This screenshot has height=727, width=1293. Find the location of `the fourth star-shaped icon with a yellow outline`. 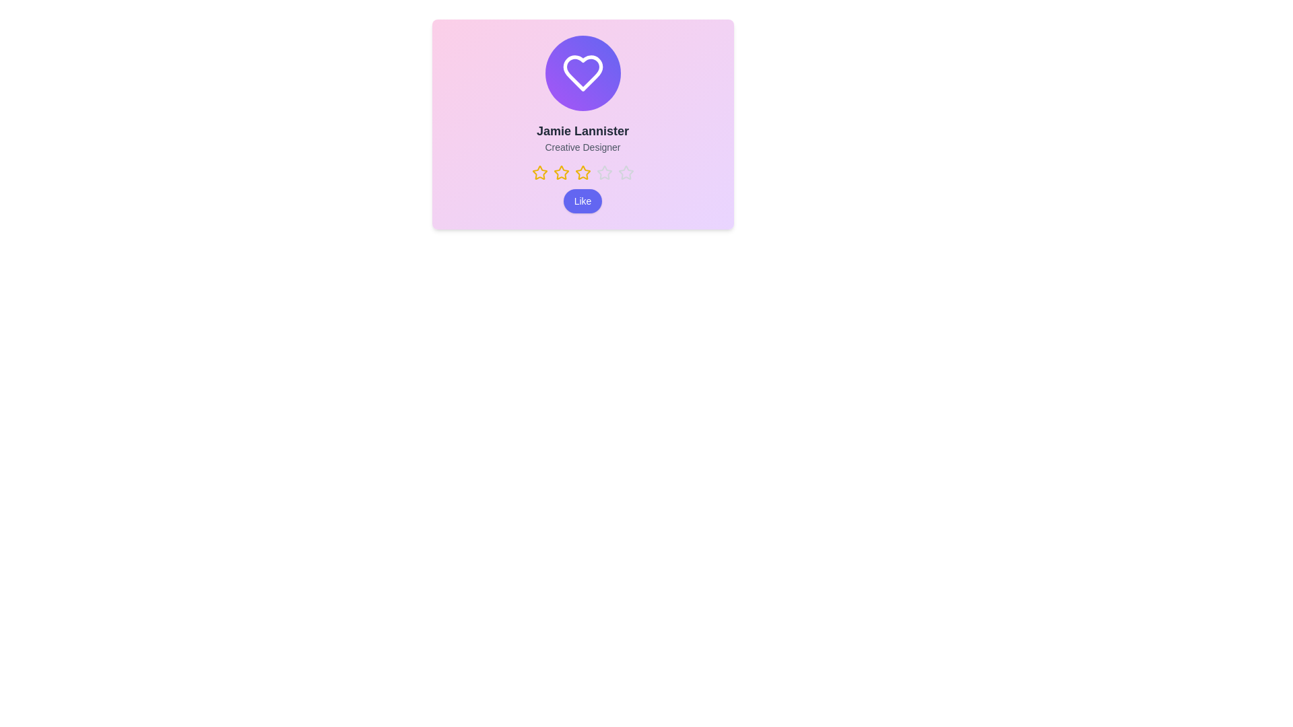

the fourth star-shaped icon with a yellow outline is located at coordinates (583, 172).